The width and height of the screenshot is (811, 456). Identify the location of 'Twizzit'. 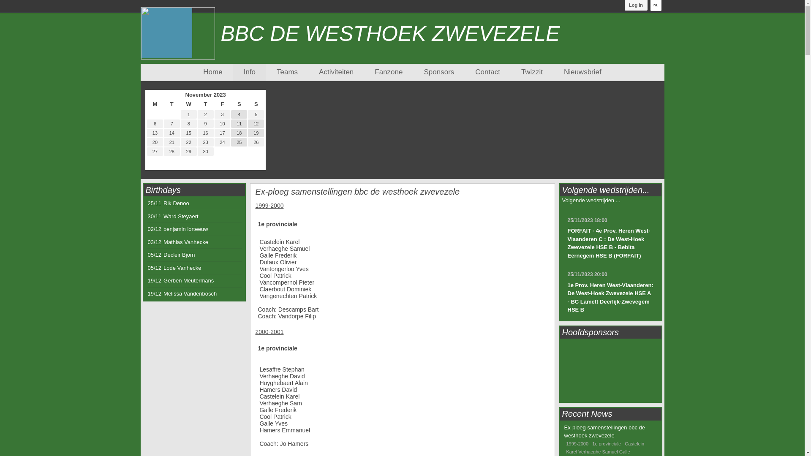
(531, 71).